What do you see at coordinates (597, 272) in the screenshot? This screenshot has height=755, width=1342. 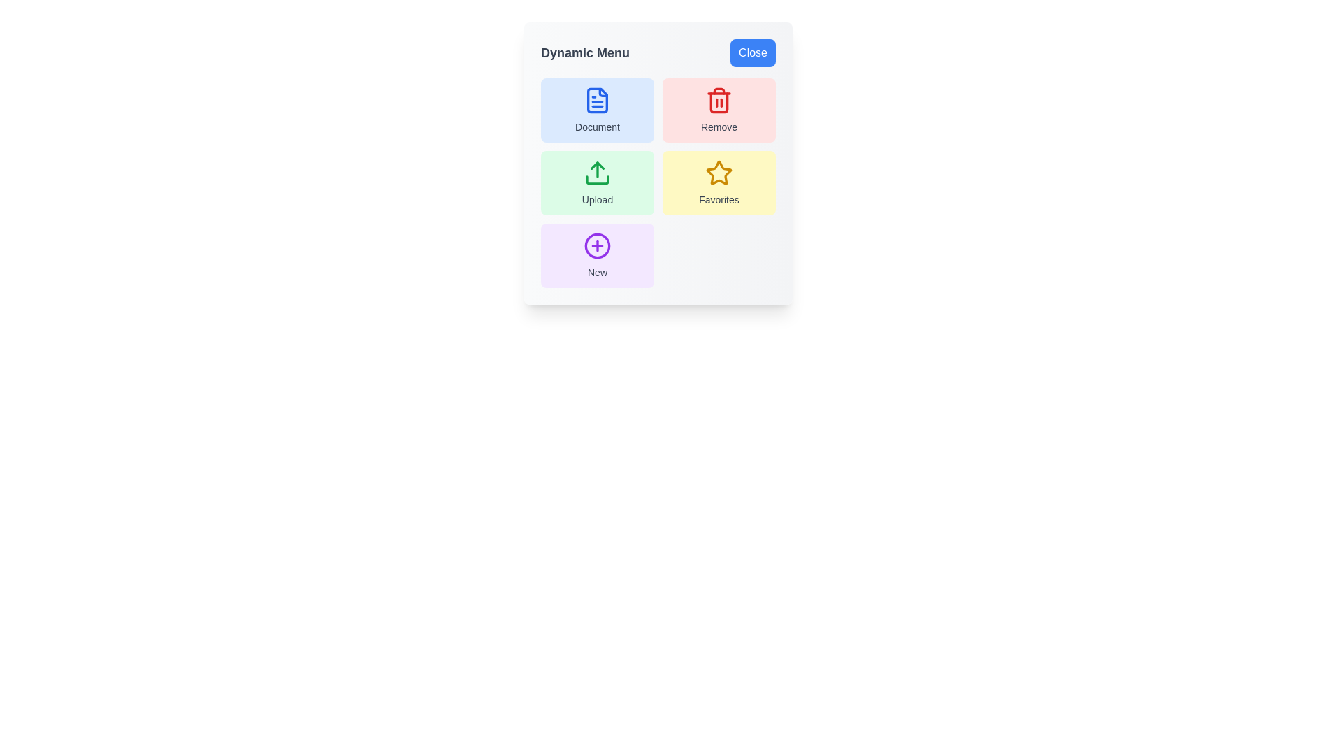 I see `text of the descriptive label located at the bottom of the purple section labeled 'New', positioned centrally below the circular purple icon with a plus sign` at bounding box center [597, 272].